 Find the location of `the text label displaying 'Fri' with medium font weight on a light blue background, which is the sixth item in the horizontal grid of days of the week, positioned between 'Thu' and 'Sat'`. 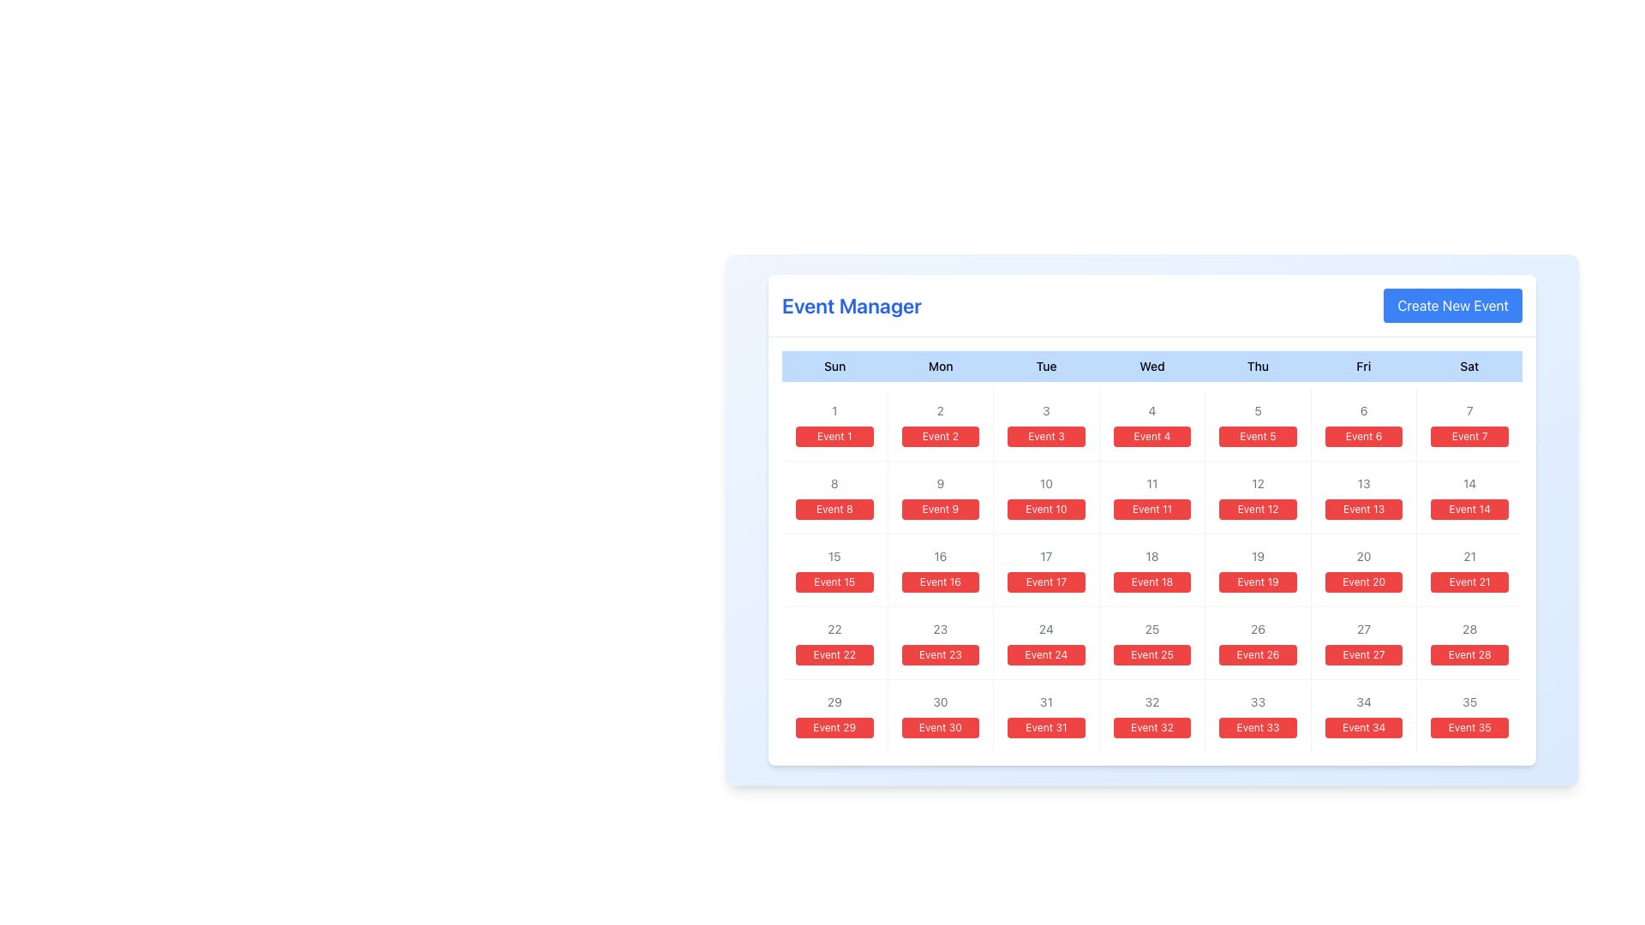

the text label displaying 'Fri' with medium font weight on a light blue background, which is the sixth item in the horizontal grid of days of the week, positioned between 'Thu' and 'Sat' is located at coordinates (1362, 366).